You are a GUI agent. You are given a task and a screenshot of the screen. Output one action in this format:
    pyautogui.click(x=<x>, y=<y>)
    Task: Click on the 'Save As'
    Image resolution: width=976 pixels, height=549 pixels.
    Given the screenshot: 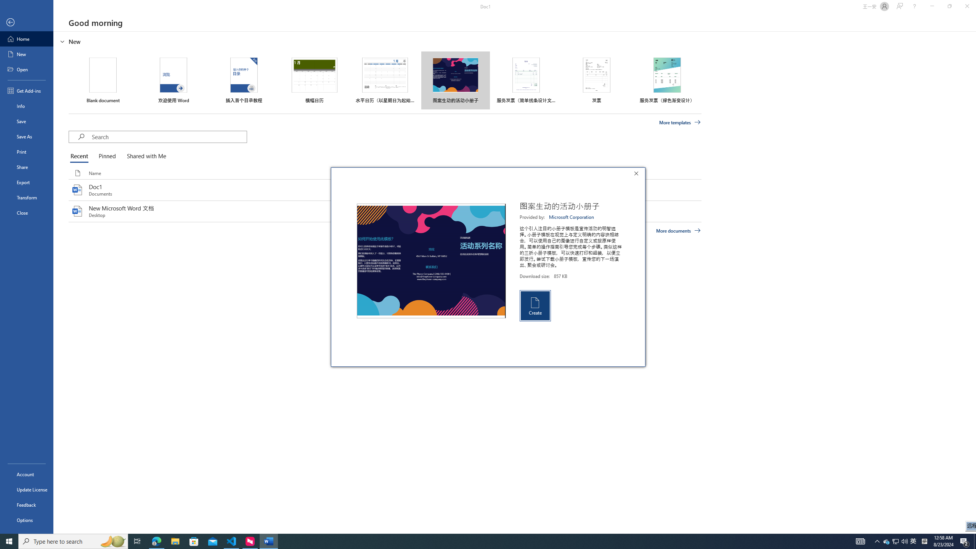 What is the action you would take?
    pyautogui.click(x=26, y=136)
    